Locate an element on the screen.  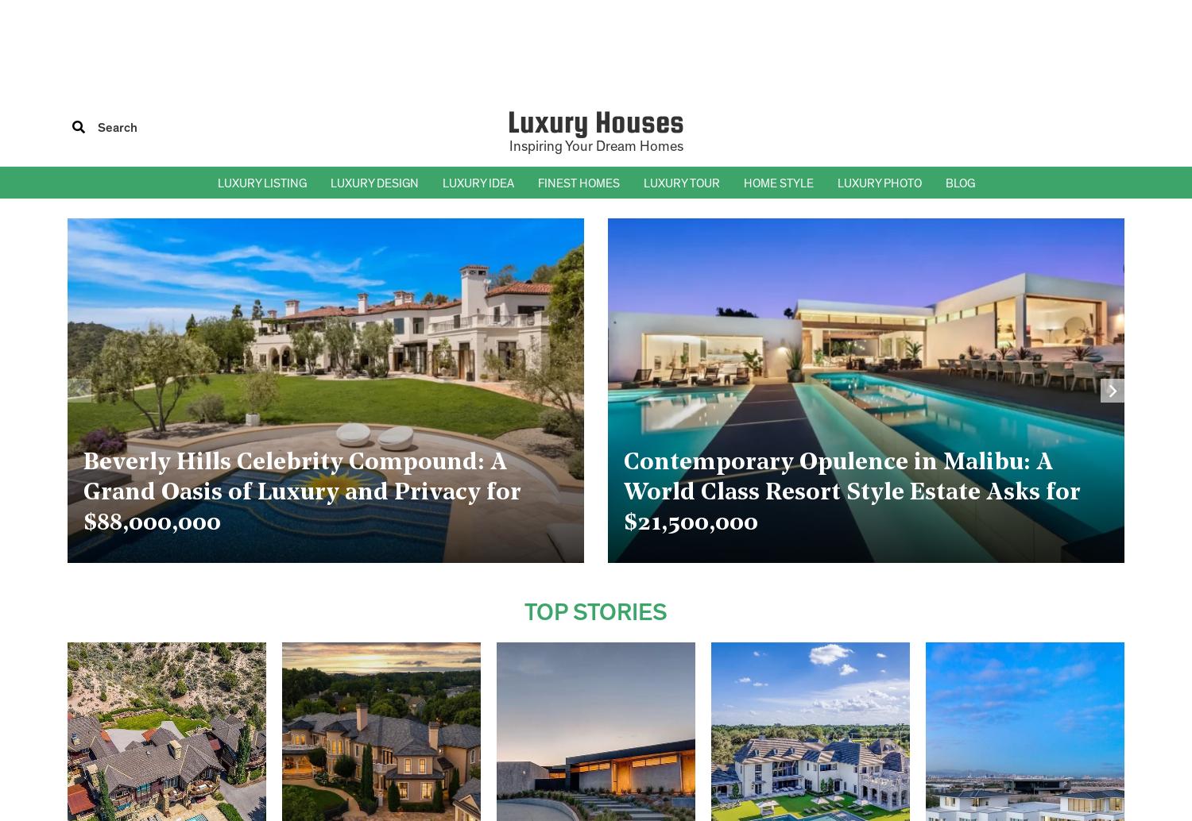
'– Mediterranean Homes' is located at coordinates (799, 283).